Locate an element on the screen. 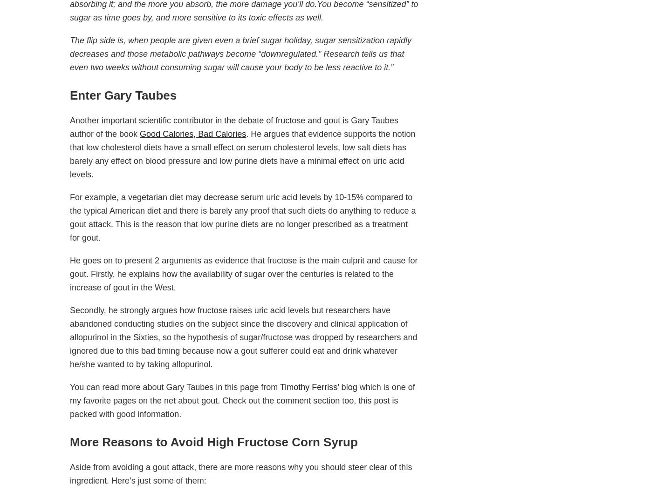 This screenshot has height=491, width=671. 'The flip side is, when people are given even a brief sugar holiday, sugar sensitization rapidly decreases and those metabolic pathways become “downregulated.” Research tells us that even two weeks without consuming sugar will cause your body to be less reactive to it.”' is located at coordinates (69, 54).